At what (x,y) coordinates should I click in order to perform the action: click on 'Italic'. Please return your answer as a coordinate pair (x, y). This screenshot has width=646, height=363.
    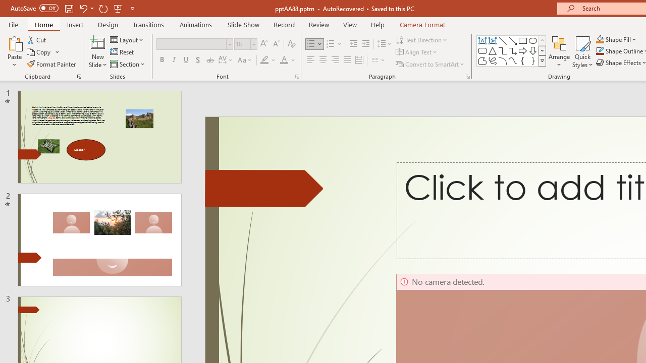
    Looking at the image, I should click on (174, 60).